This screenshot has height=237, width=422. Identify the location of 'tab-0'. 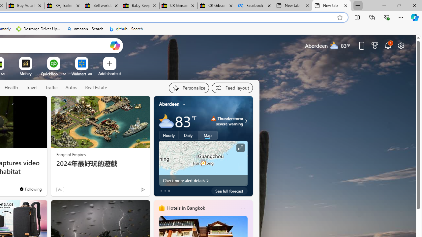
(161, 191).